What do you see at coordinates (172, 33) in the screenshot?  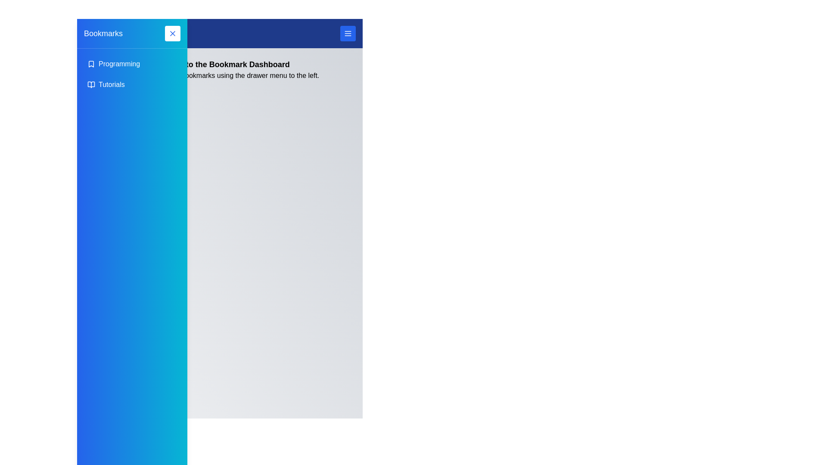 I see `the close icon button located in the top-right corner of the navigation drawer` at bounding box center [172, 33].